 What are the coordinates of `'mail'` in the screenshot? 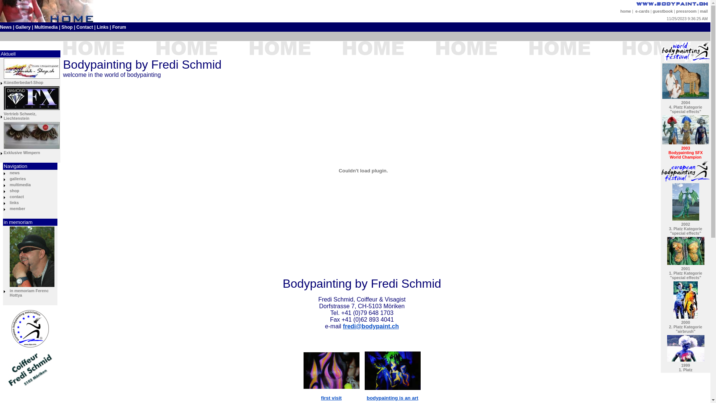 It's located at (703, 11).